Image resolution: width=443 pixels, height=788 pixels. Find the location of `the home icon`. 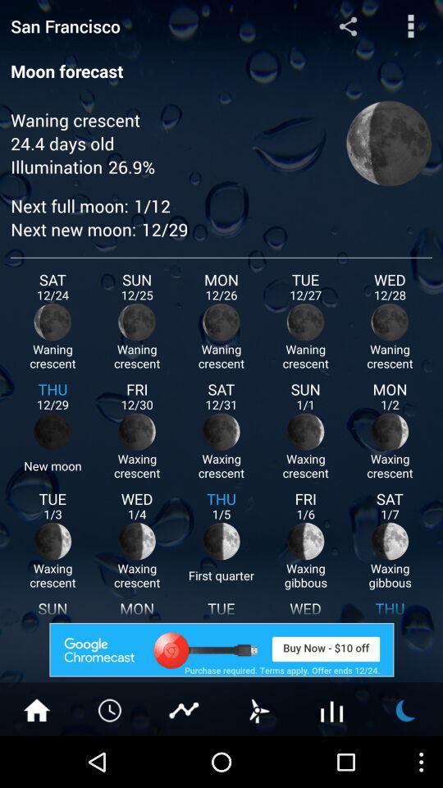

the home icon is located at coordinates (36, 759).